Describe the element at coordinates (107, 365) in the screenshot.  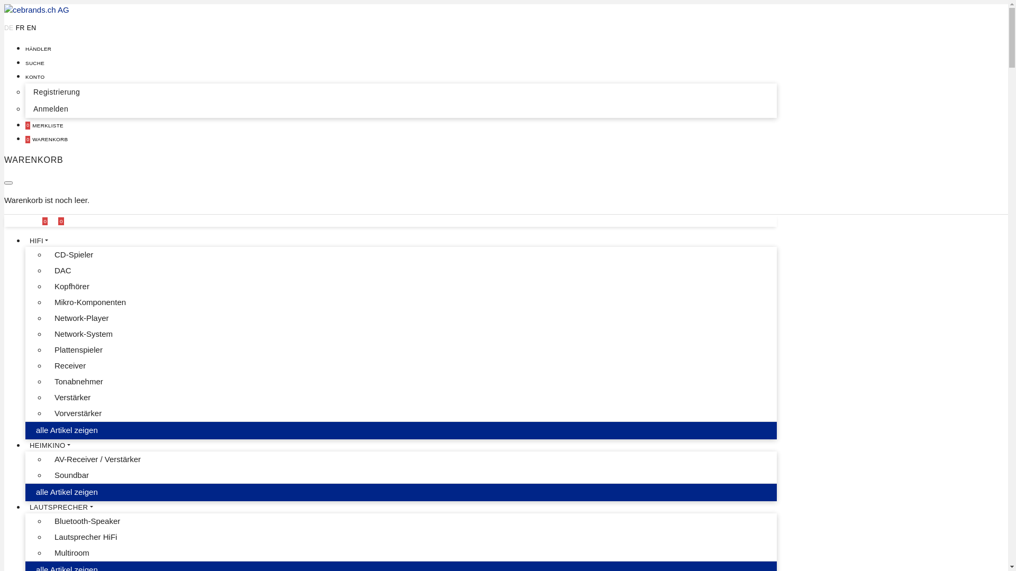
I see `'Receiver'` at that location.